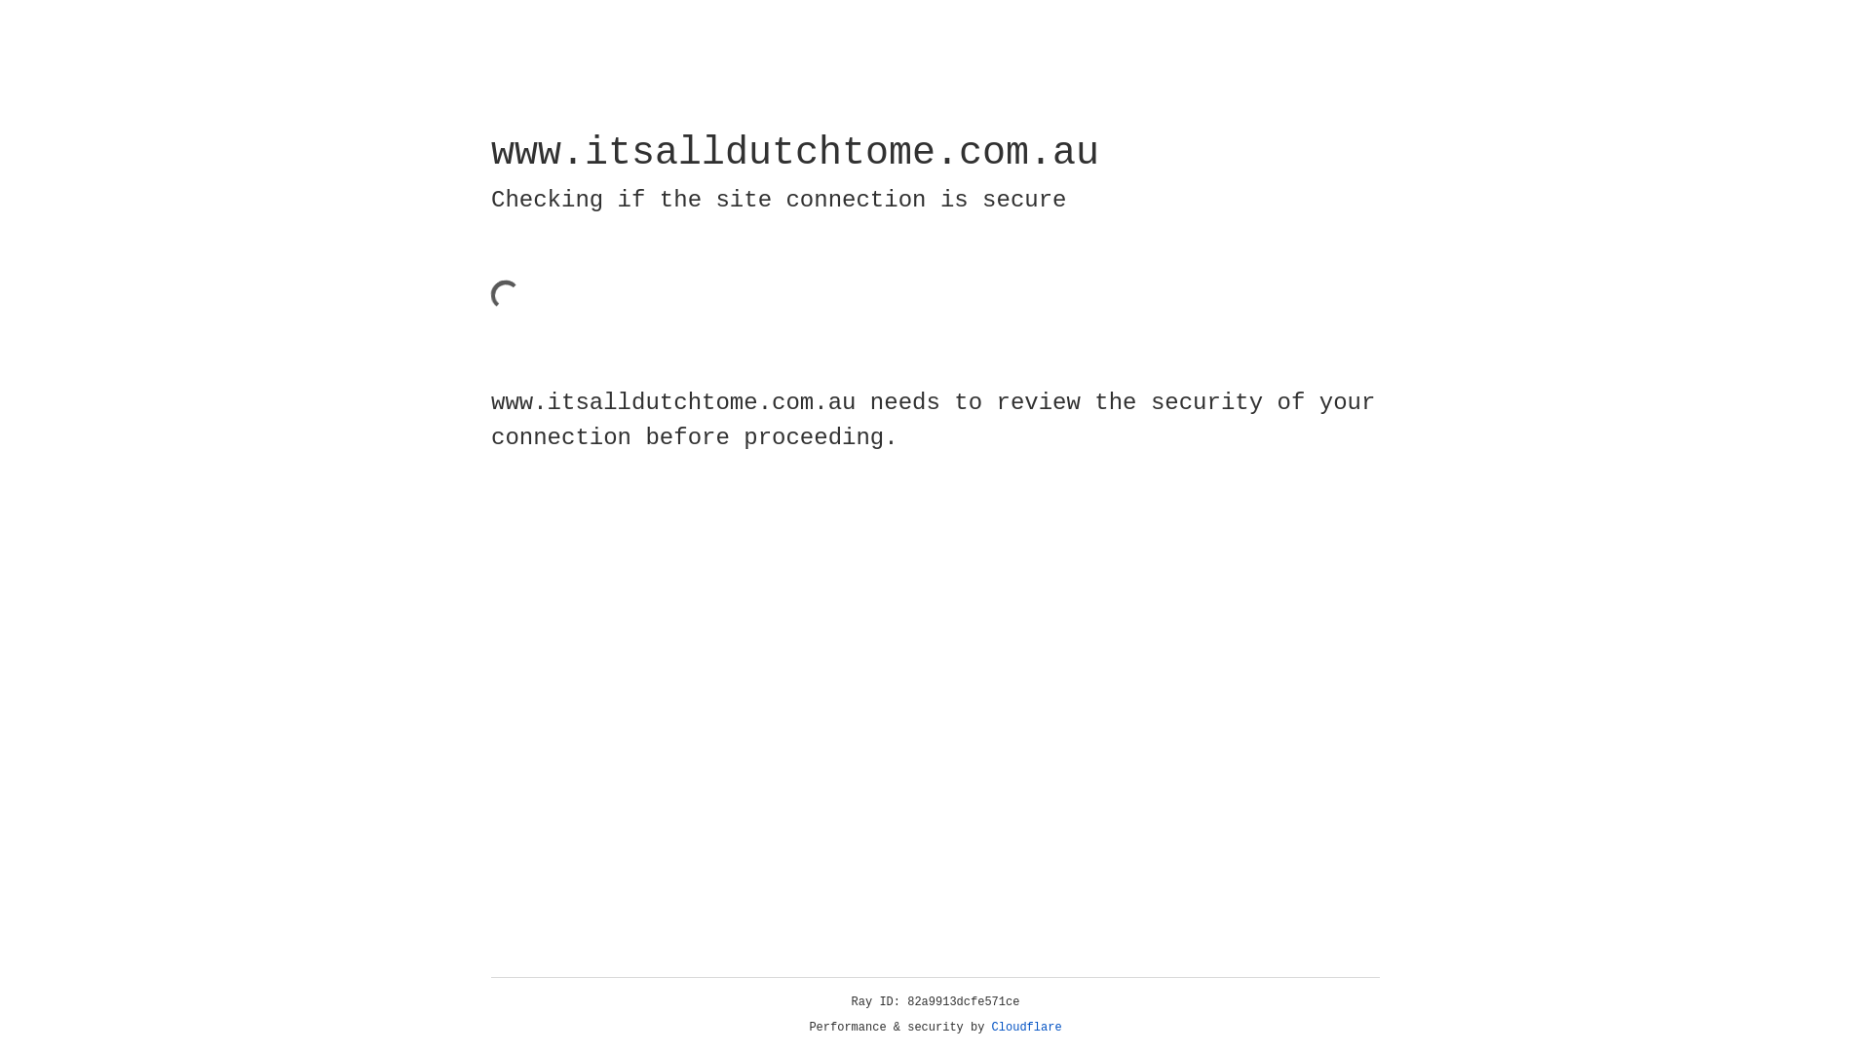 This screenshot has height=1052, width=1871. What do you see at coordinates (1026, 1027) in the screenshot?
I see `'Cloudflare'` at bounding box center [1026, 1027].